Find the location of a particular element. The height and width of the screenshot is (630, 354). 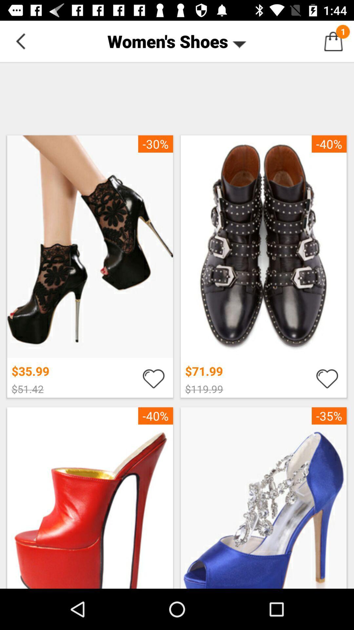

third option is located at coordinates (90, 496).